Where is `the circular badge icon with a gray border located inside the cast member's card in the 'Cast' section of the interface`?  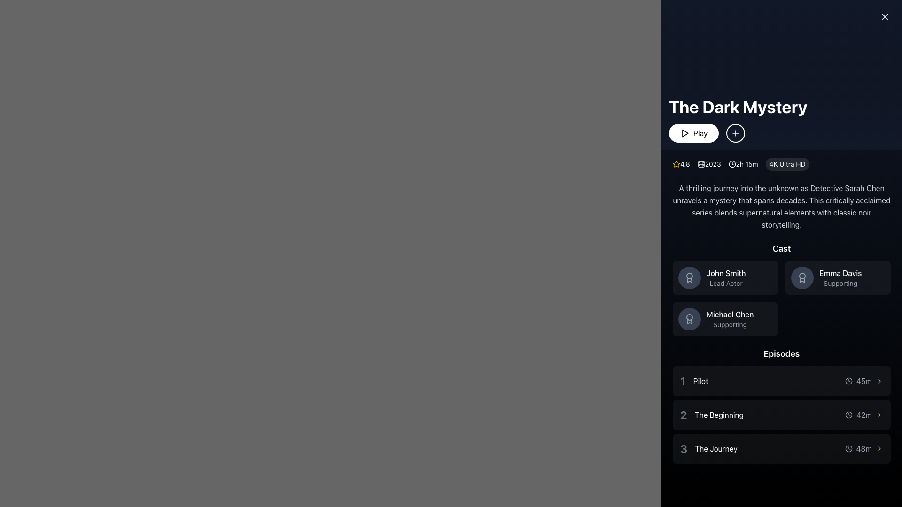 the circular badge icon with a gray border located inside the cast member's card in the 'Cast' section of the interface is located at coordinates (690, 317).